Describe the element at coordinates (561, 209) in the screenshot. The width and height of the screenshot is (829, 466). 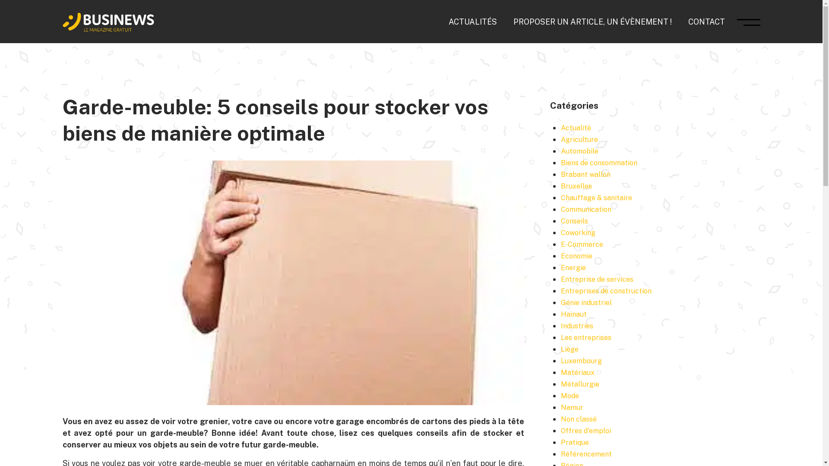
I see `'Communication'` at that location.